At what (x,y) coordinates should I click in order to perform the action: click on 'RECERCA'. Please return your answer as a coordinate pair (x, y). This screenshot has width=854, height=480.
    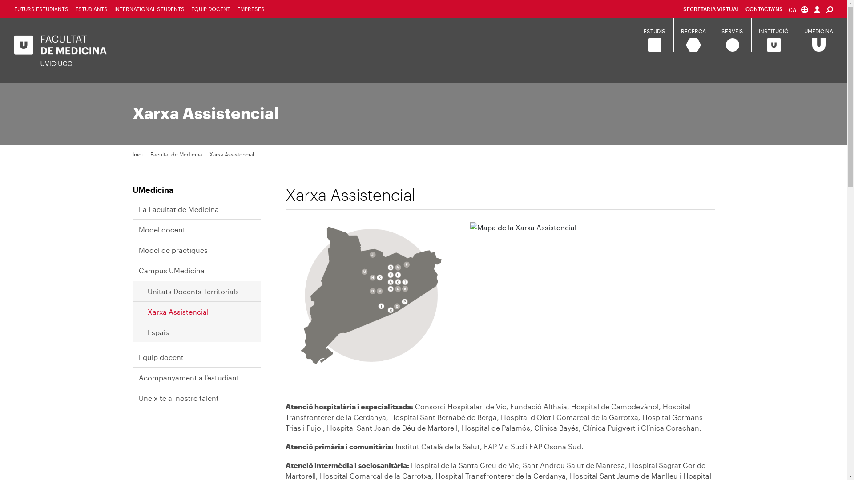
    Looking at the image, I should click on (693, 31).